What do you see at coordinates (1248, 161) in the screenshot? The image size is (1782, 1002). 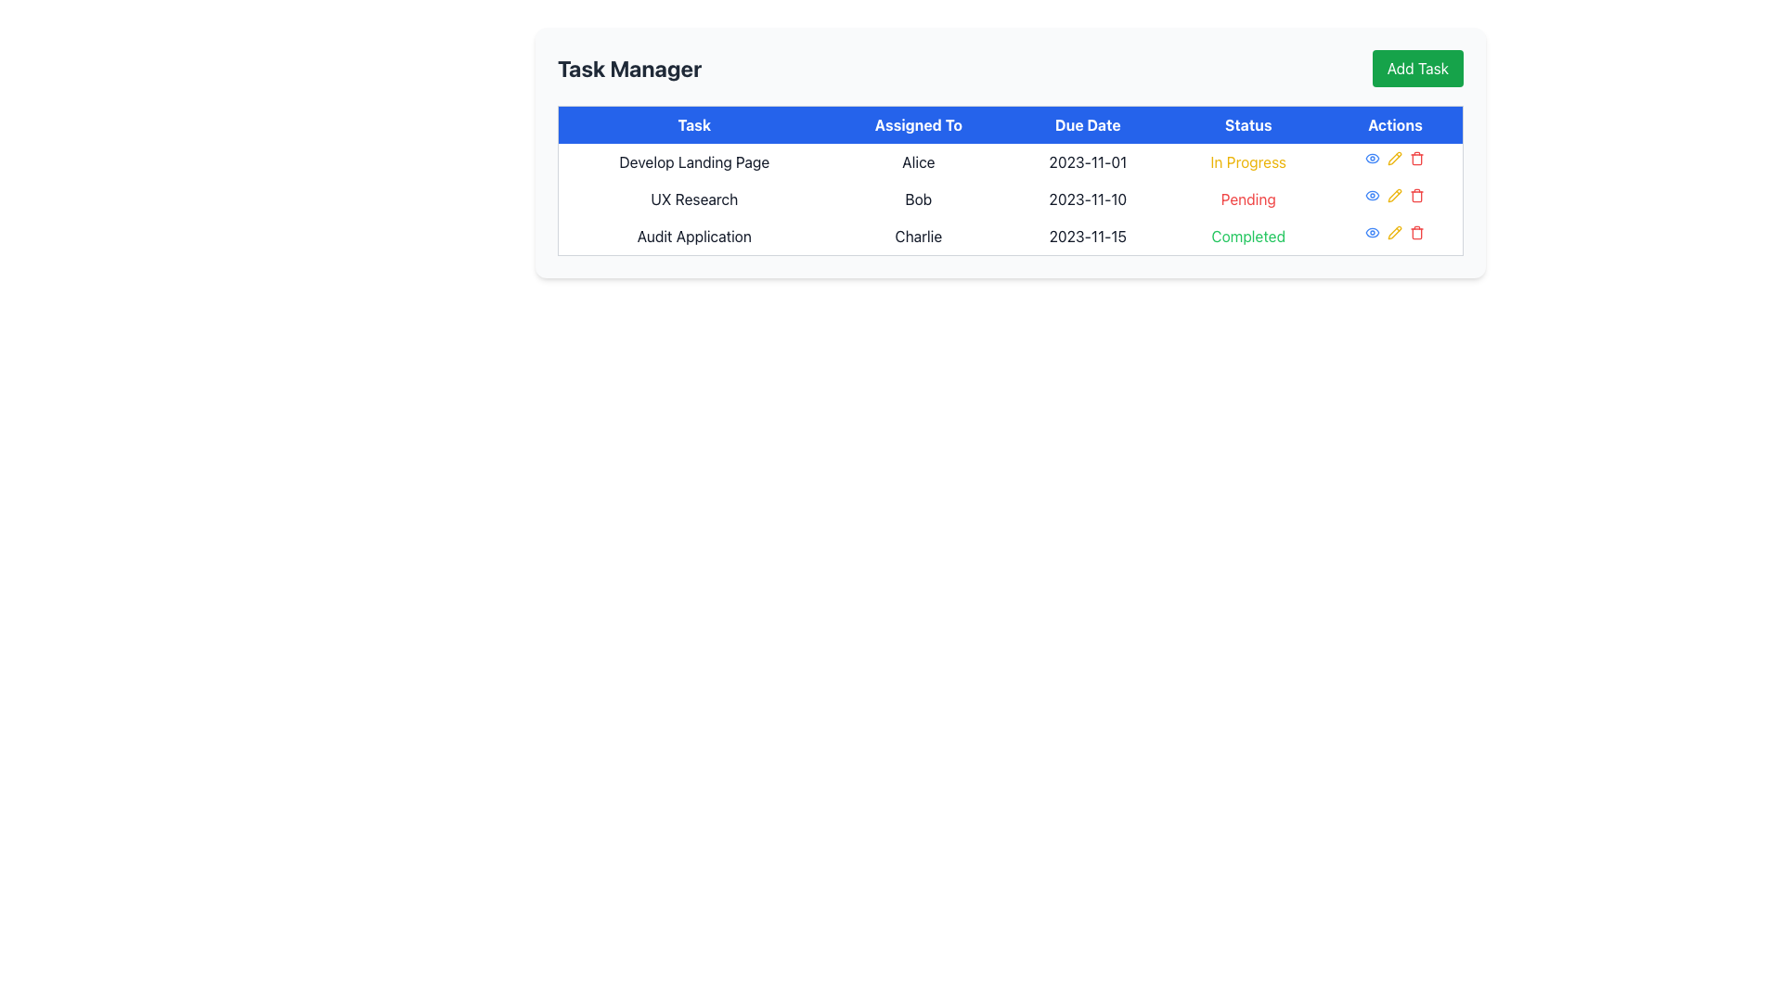 I see `the text label displaying 'In Progress' in yellow font color, located in the 'Status' column of the first row of the data table for the task 'Develop Landing Page'` at bounding box center [1248, 161].